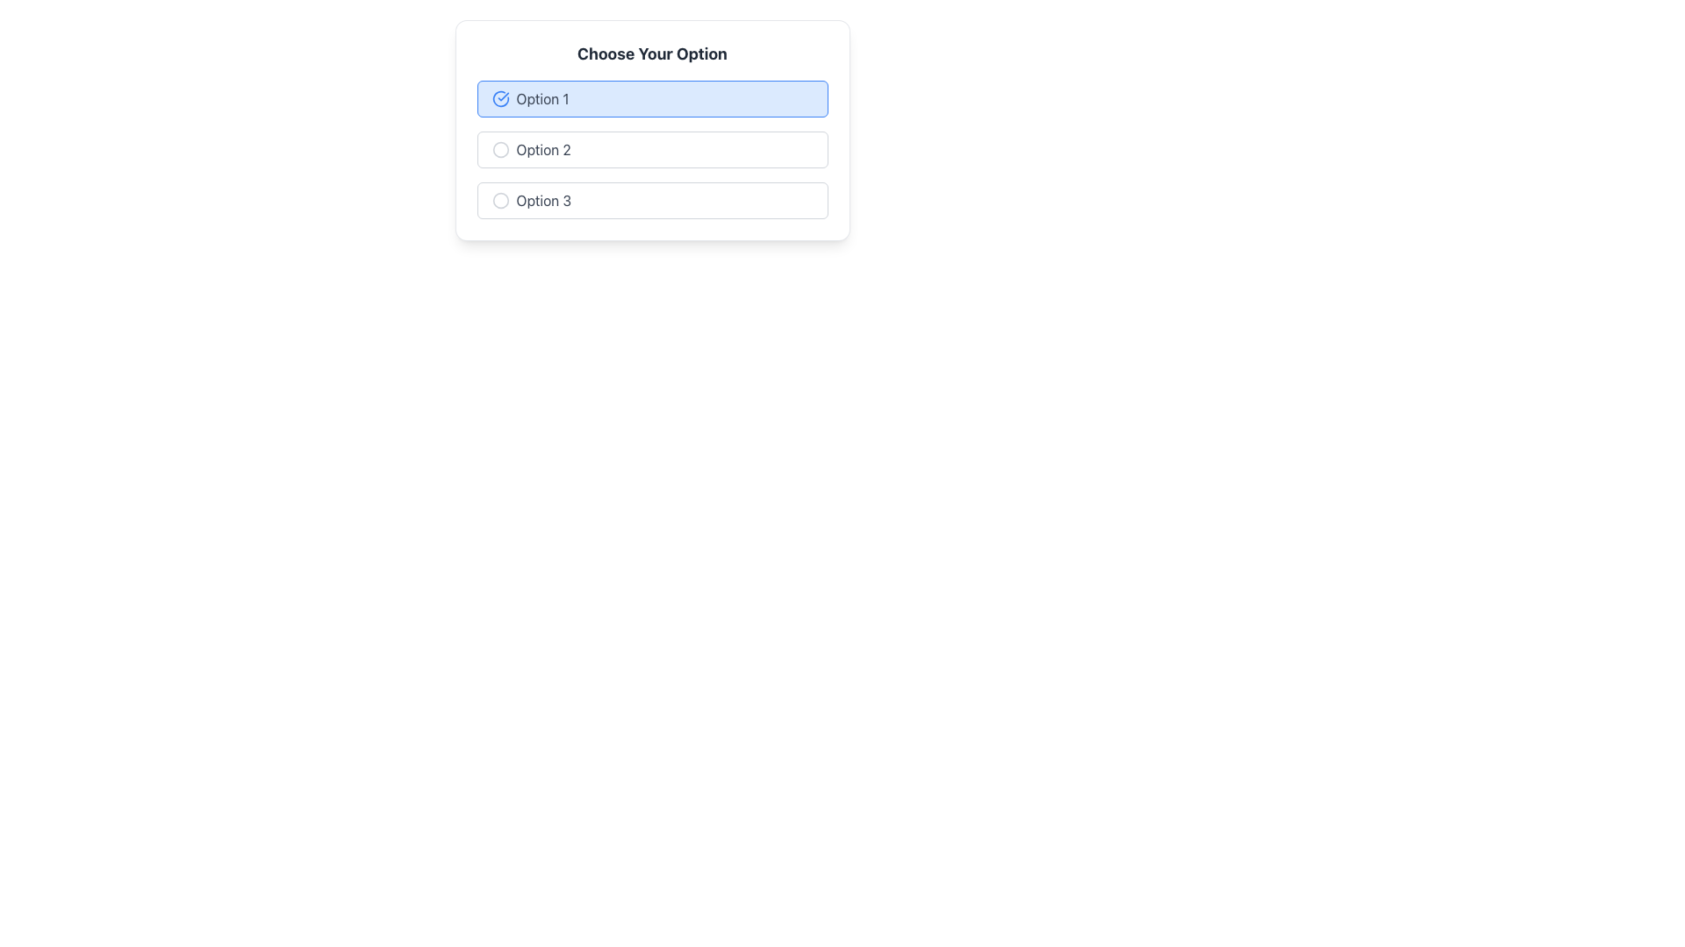 Image resolution: width=1685 pixels, height=947 pixels. What do you see at coordinates (651, 98) in the screenshot?
I see `the first option button in the selection menu, which has a blue background indicating it is the active choice` at bounding box center [651, 98].